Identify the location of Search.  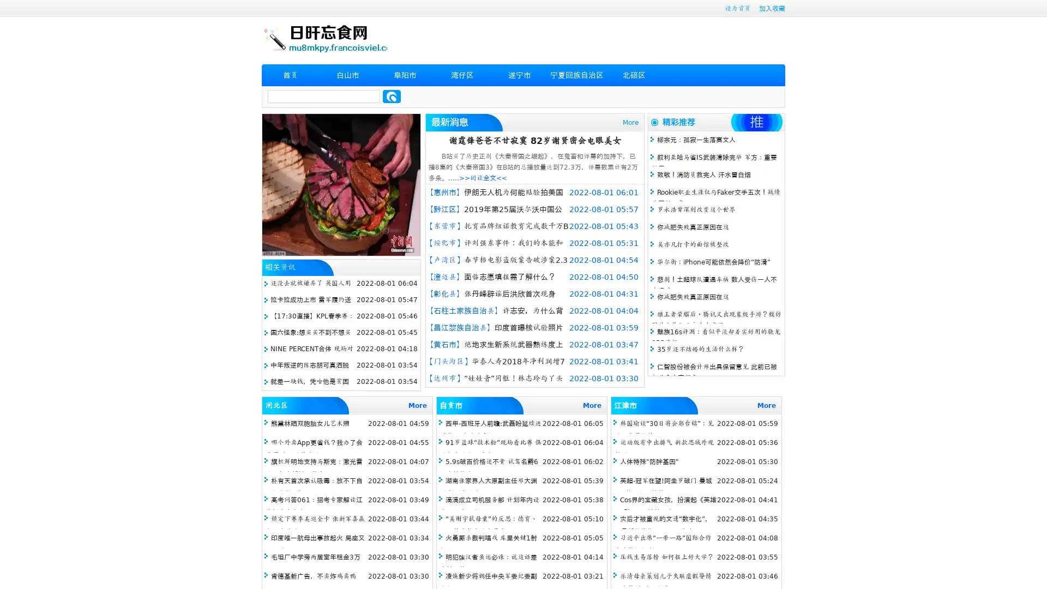
(392, 96).